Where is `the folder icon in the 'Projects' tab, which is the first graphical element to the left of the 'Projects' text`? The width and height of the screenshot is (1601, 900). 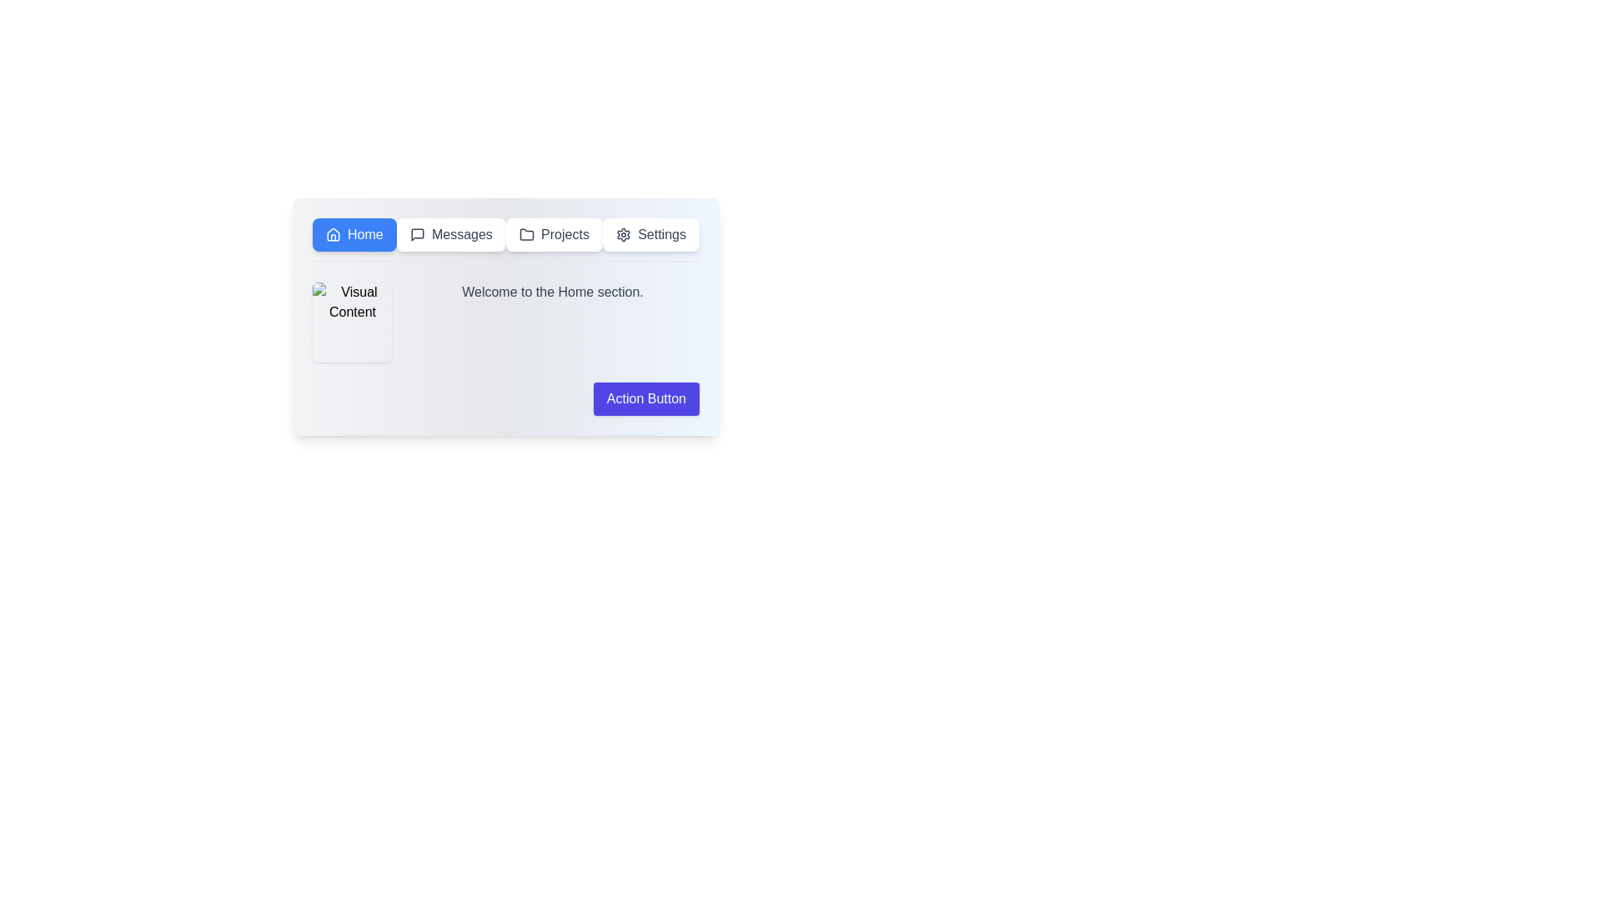 the folder icon in the 'Projects' tab, which is the first graphical element to the left of the 'Projects' text is located at coordinates (526, 234).